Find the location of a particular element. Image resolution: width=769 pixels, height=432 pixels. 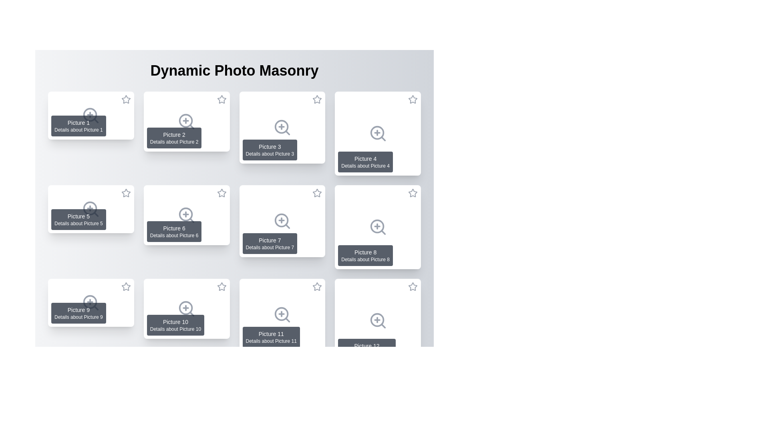

the text label 'Details about Picture 2' located at the bottom of the card labeled 'Picture 2', which has a dark gray background is located at coordinates (174, 141).